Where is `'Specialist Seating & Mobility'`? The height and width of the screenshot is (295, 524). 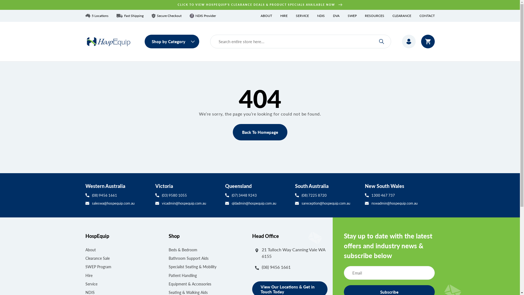
'Specialist Seating & Mobility' is located at coordinates (168, 266).